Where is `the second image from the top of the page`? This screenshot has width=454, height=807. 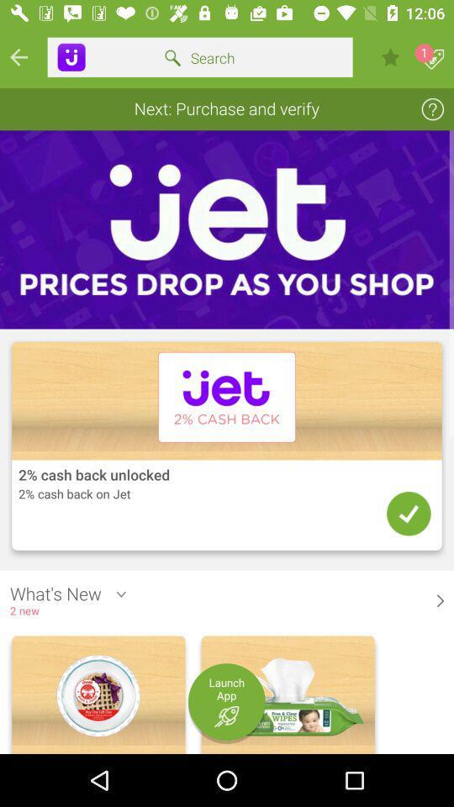
the second image from the top of the page is located at coordinates (227, 447).